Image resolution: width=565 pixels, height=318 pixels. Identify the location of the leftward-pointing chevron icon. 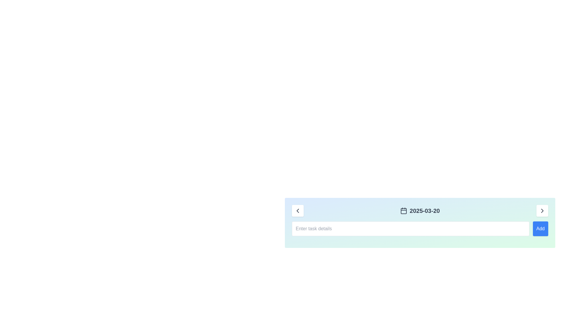
(298, 211).